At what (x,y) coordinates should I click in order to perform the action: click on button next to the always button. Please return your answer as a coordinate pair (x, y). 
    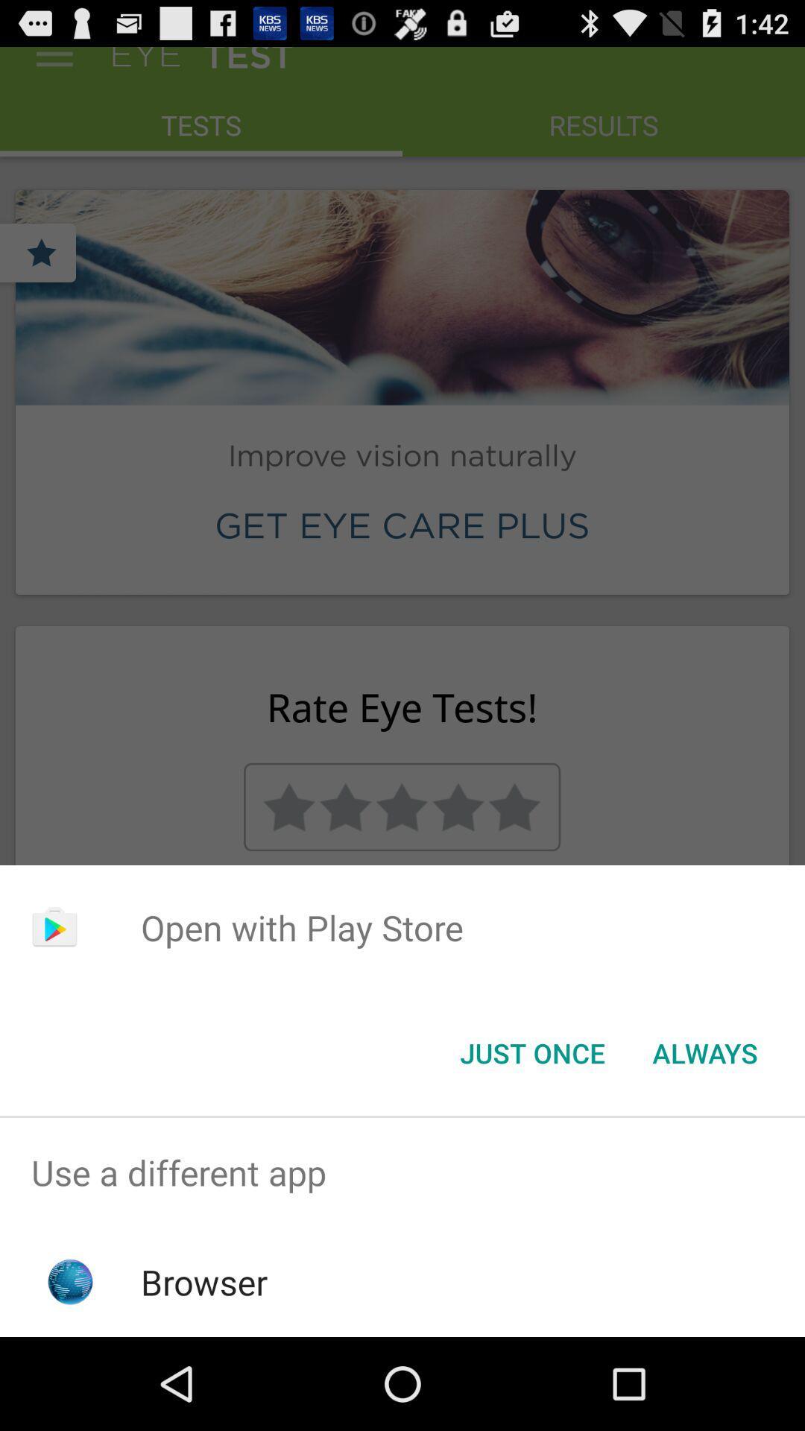
    Looking at the image, I should click on (531, 1052).